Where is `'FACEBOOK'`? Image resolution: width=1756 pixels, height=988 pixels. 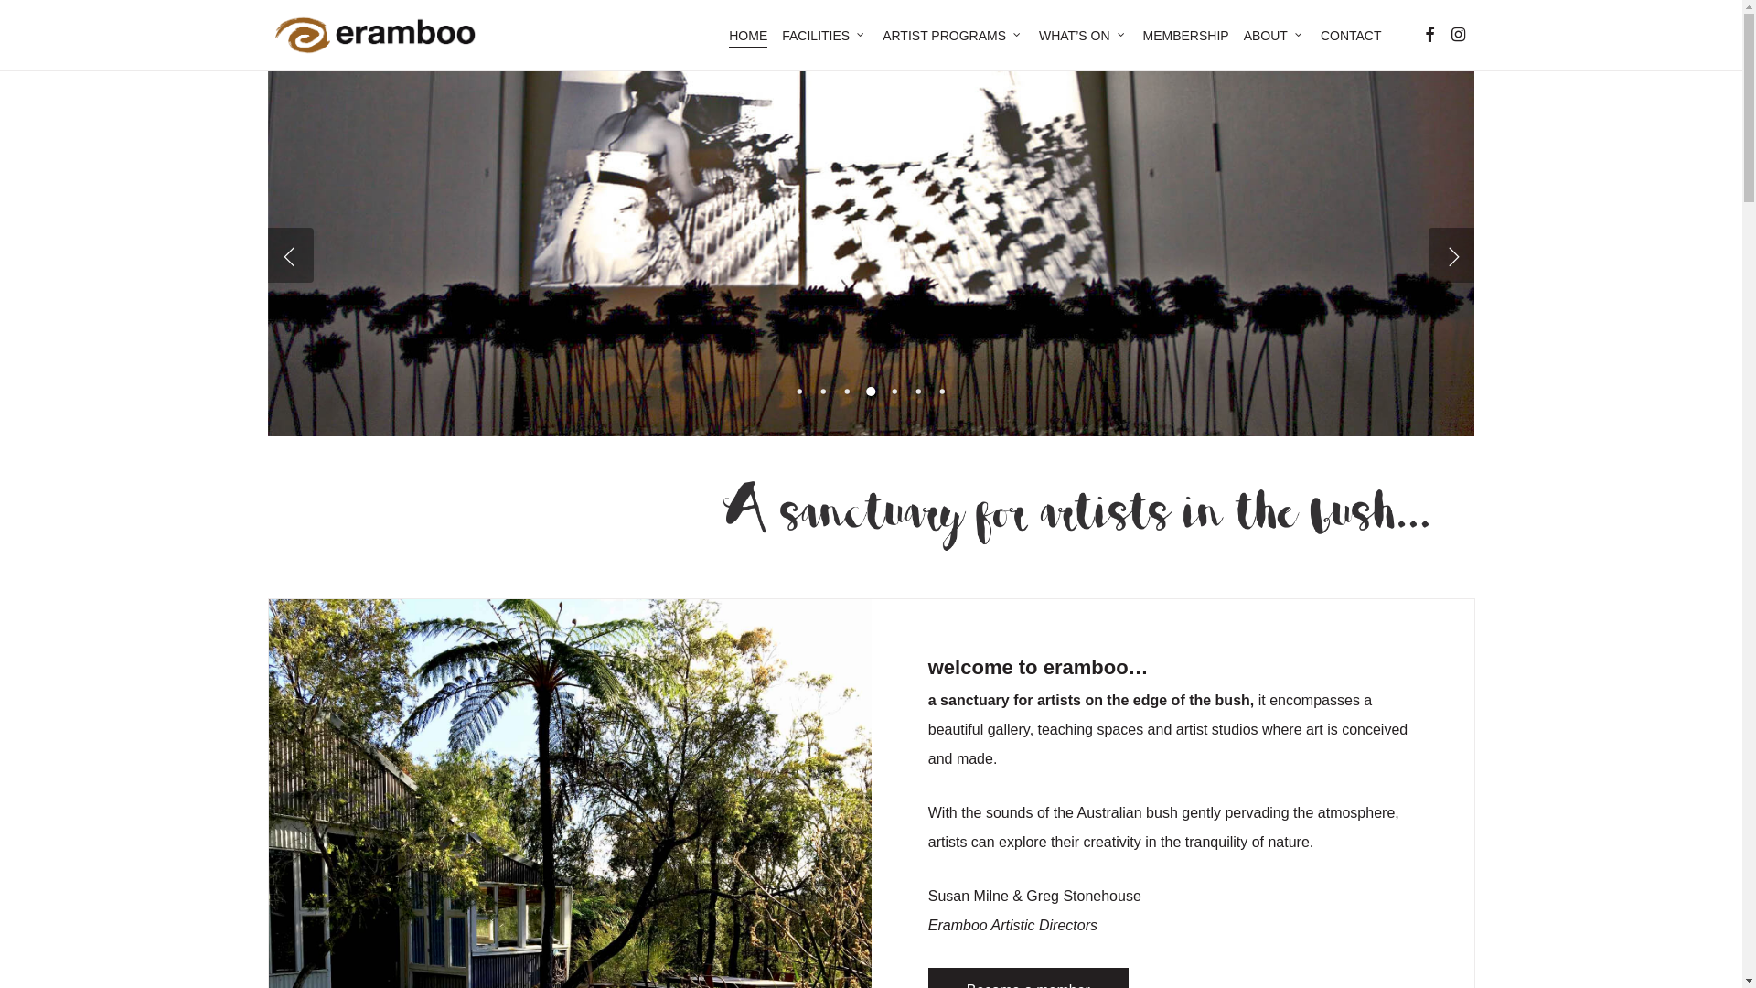 'FACEBOOK' is located at coordinates (1427, 35).